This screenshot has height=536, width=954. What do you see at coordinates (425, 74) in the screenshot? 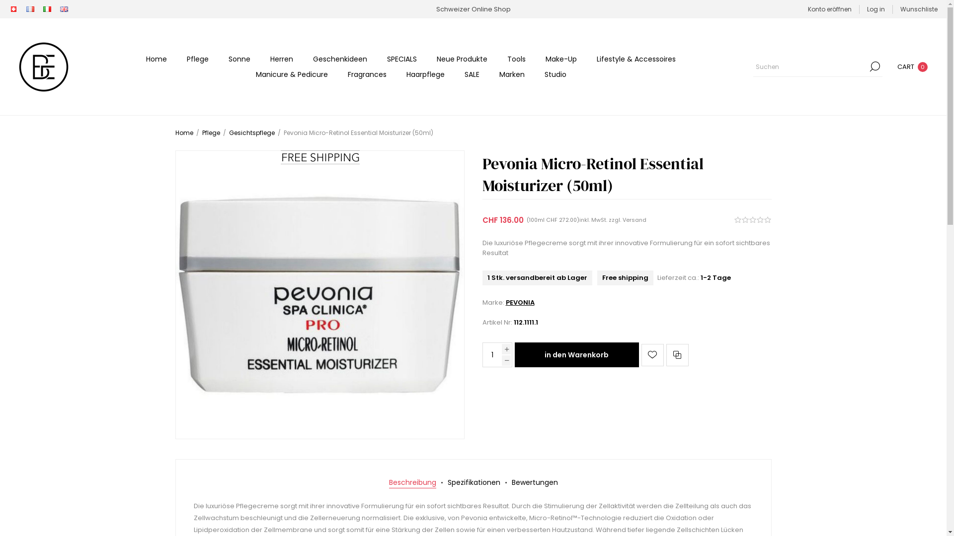
I see `'Haarpflege'` at bounding box center [425, 74].